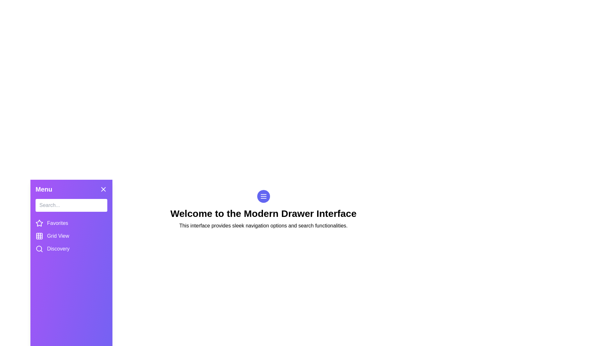 The height and width of the screenshot is (346, 615). What do you see at coordinates (103, 189) in the screenshot?
I see `the close button in the drawer to close it` at bounding box center [103, 189].